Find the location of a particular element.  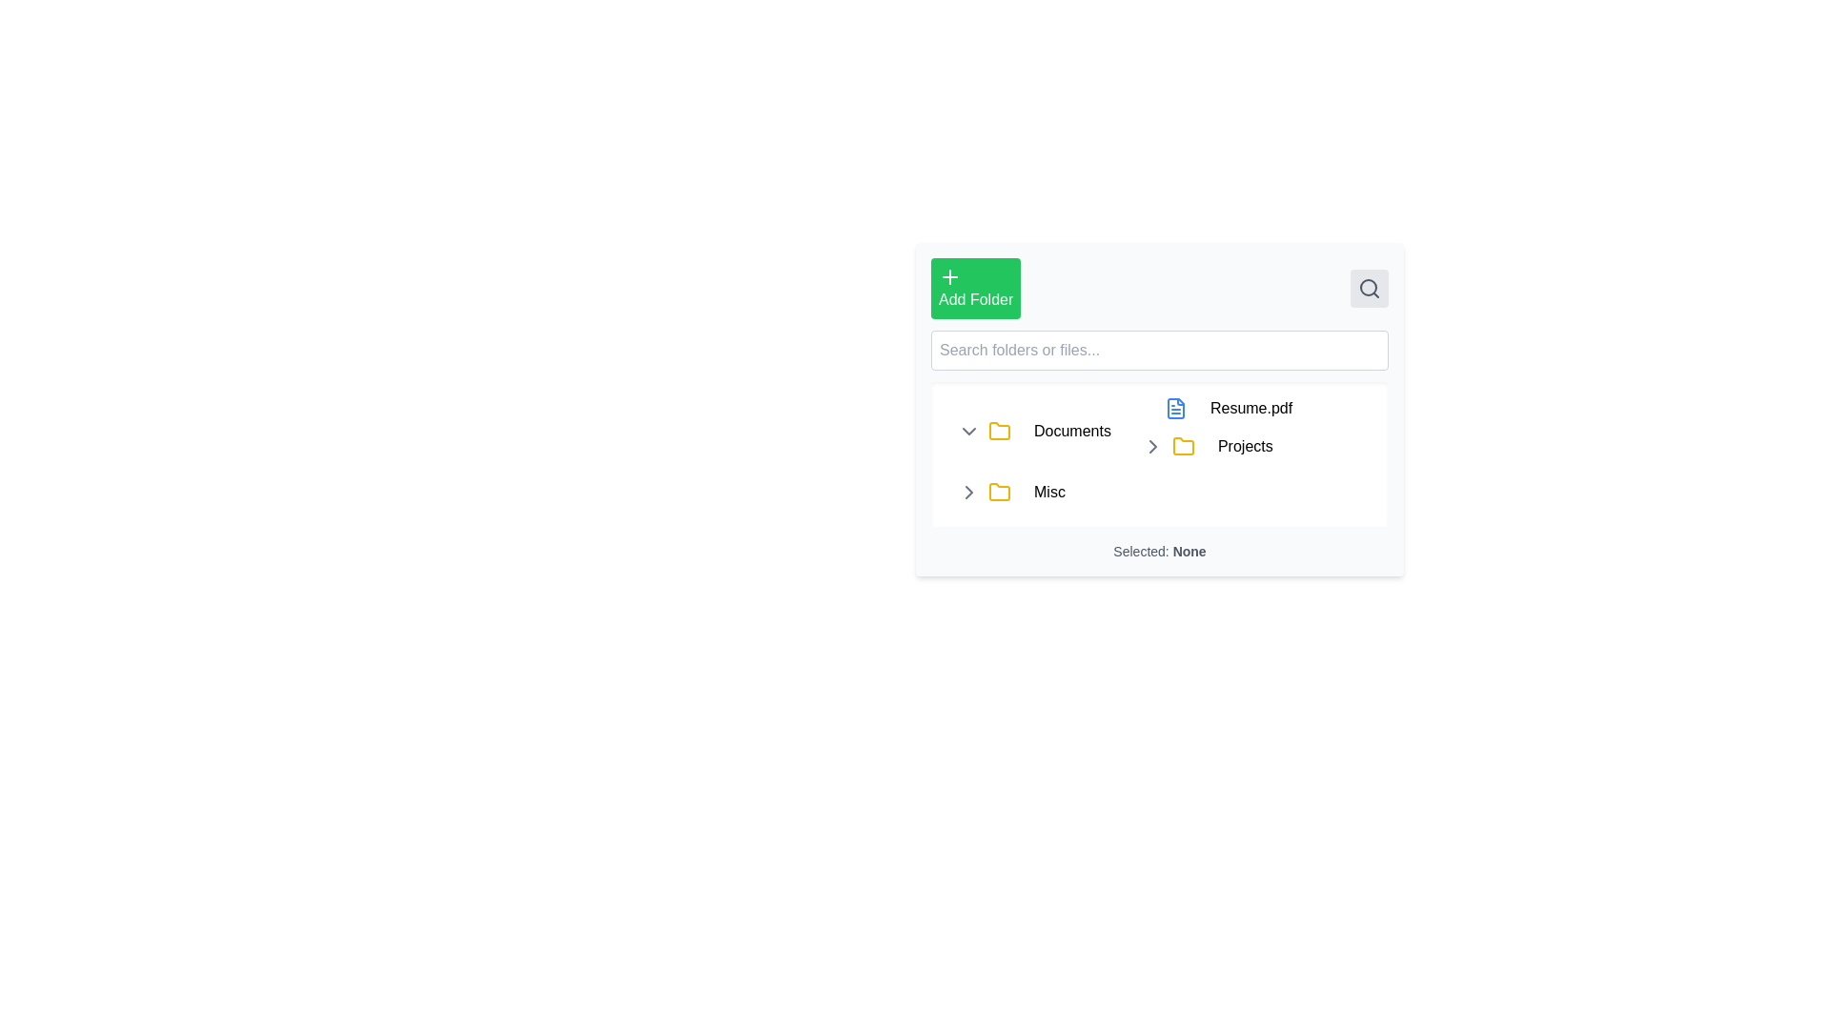

the folder icon located to the left of the 'Documents' text to trigger highlighting or display a tooltip is located at coordinates (999, 491).